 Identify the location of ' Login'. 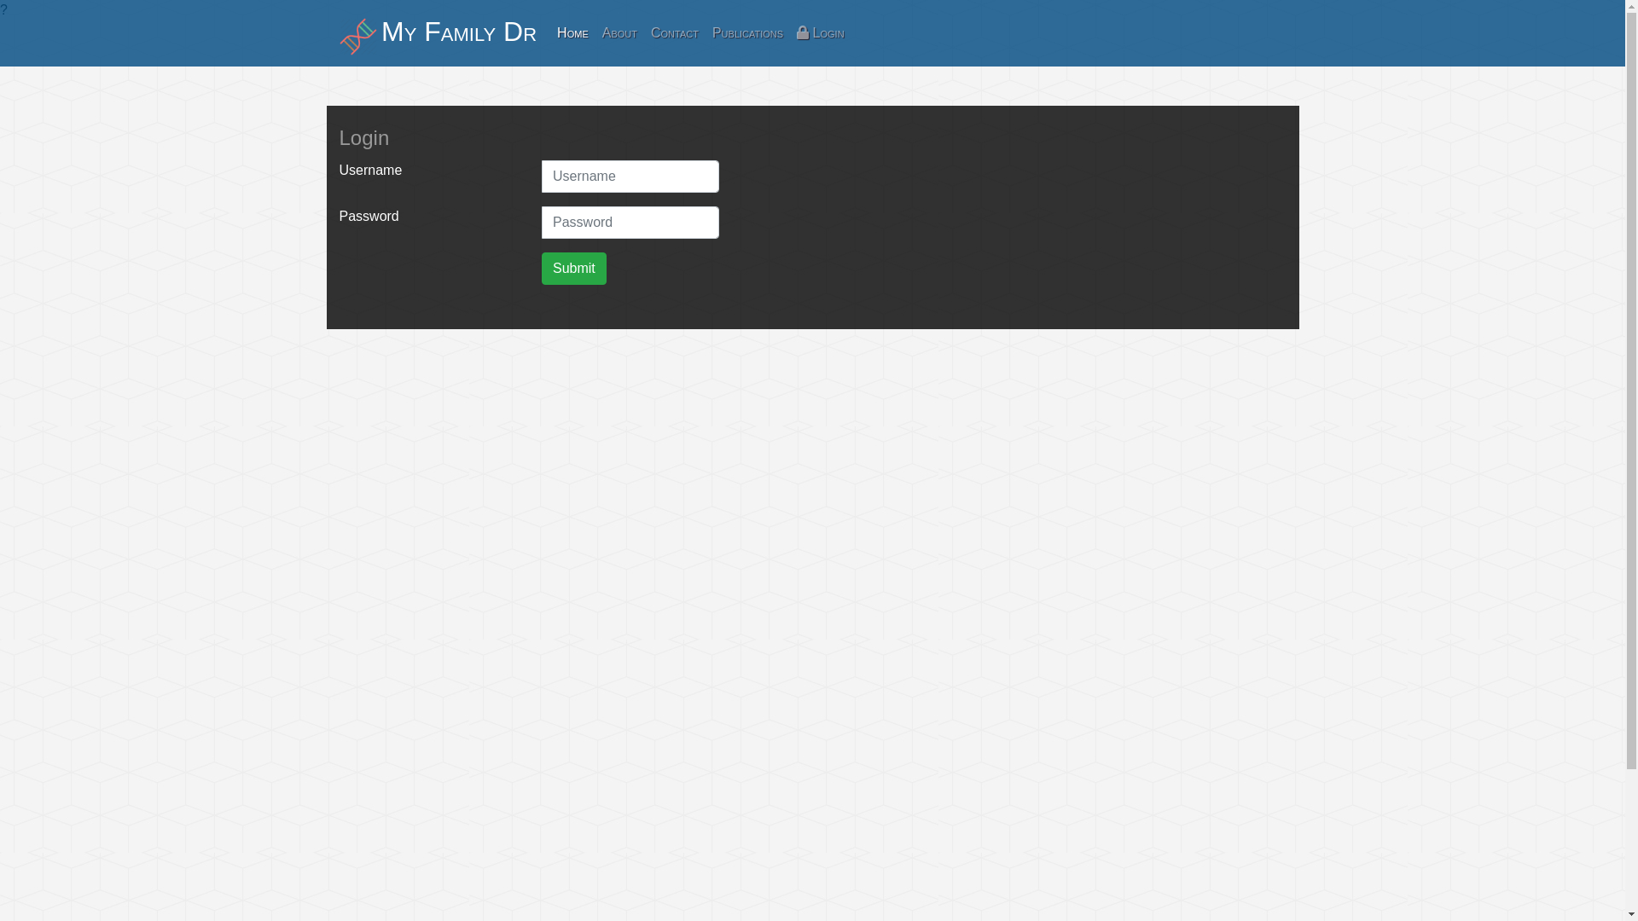
(820, 32).